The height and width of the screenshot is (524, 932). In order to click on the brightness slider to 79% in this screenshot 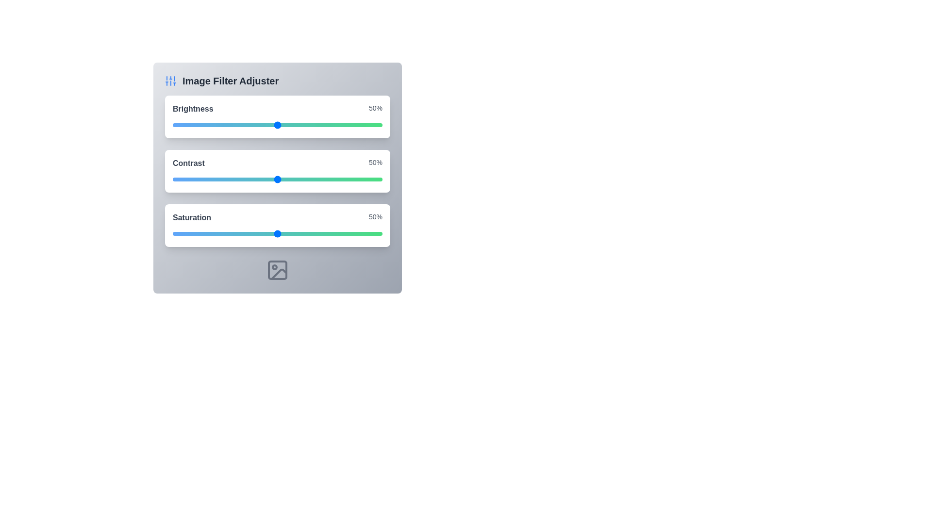, I will do `click(338, 125)`.